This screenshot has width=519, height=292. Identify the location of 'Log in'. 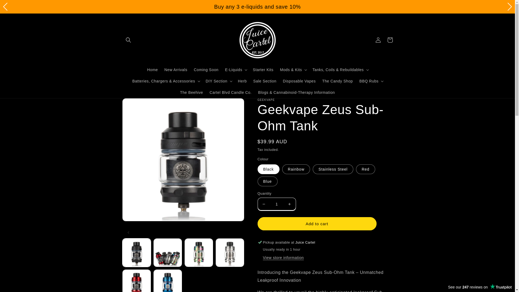
(377, 39).